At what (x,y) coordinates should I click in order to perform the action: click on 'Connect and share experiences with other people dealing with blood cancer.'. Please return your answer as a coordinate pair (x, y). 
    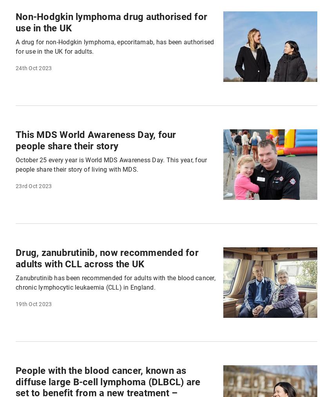
    Looking at the image, I should click on (123, 192).